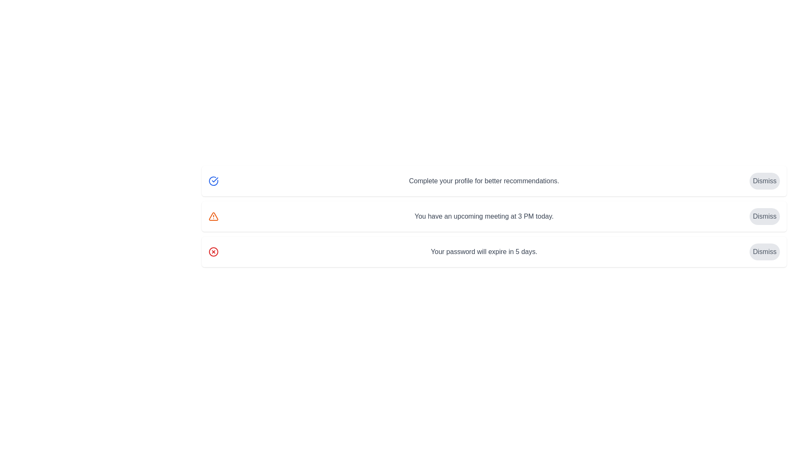 The image size is (809, 455). Describe the element at coordinates (764, 216) in the screenshot. I see `dismiss button corresponding to the alert with text 'You have an upcoming meeting at 3 PM today.'` at that location.